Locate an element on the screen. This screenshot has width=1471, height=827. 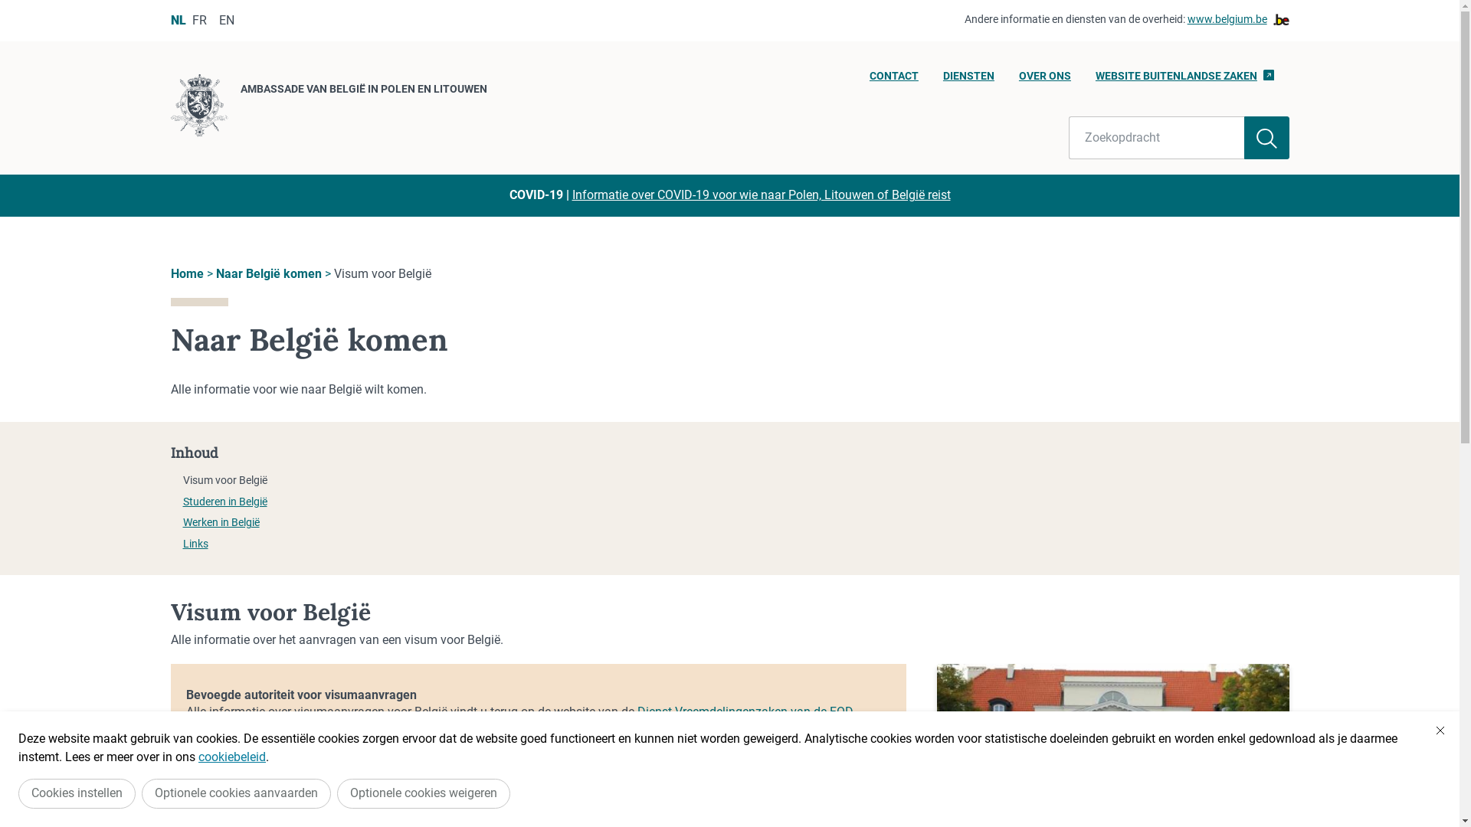
'Sluiten' is located at coordinates (1440, 729).